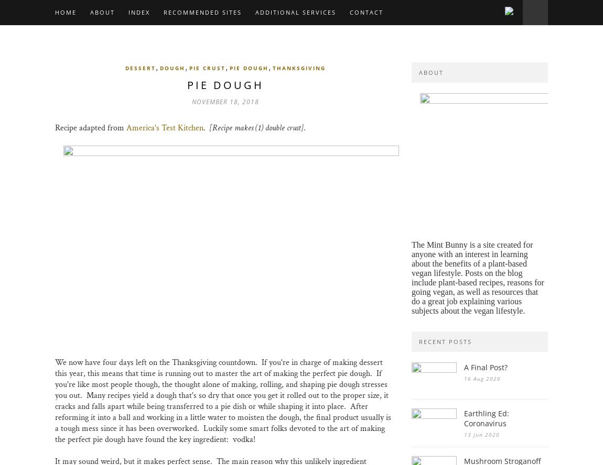 The width and height of the screenshot is (603, 465). Describe the element at coordinates (207, 68) in the screenshot. I see `'pie crust'` at that location.